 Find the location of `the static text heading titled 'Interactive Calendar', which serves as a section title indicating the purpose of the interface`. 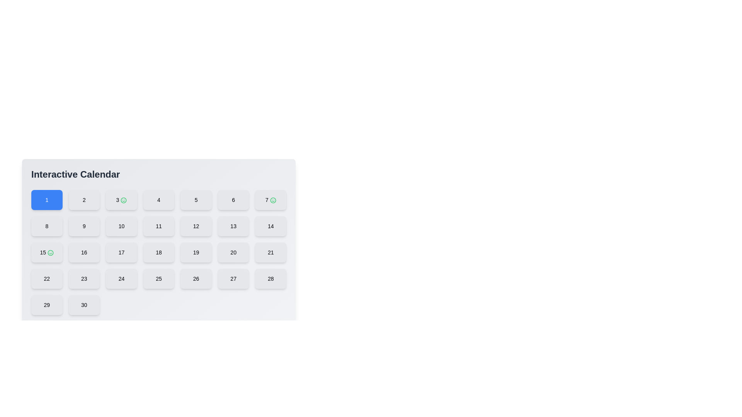

the static text heading titled 'Interactive Calendar', which serves as a section title indicating the purpose of the interface is located at coordinates (75, 174).